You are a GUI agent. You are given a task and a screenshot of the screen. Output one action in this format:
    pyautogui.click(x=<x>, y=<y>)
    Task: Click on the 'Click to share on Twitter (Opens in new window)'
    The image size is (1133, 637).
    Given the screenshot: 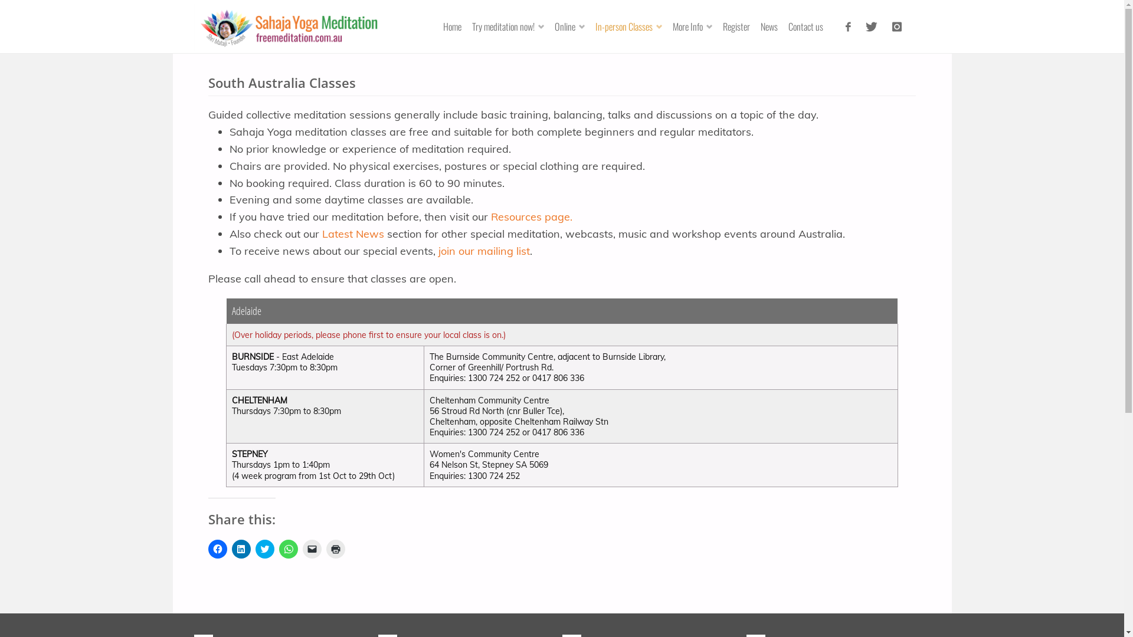 What is the action you would take?
    pyautogui.click(x=264, y=549)
    